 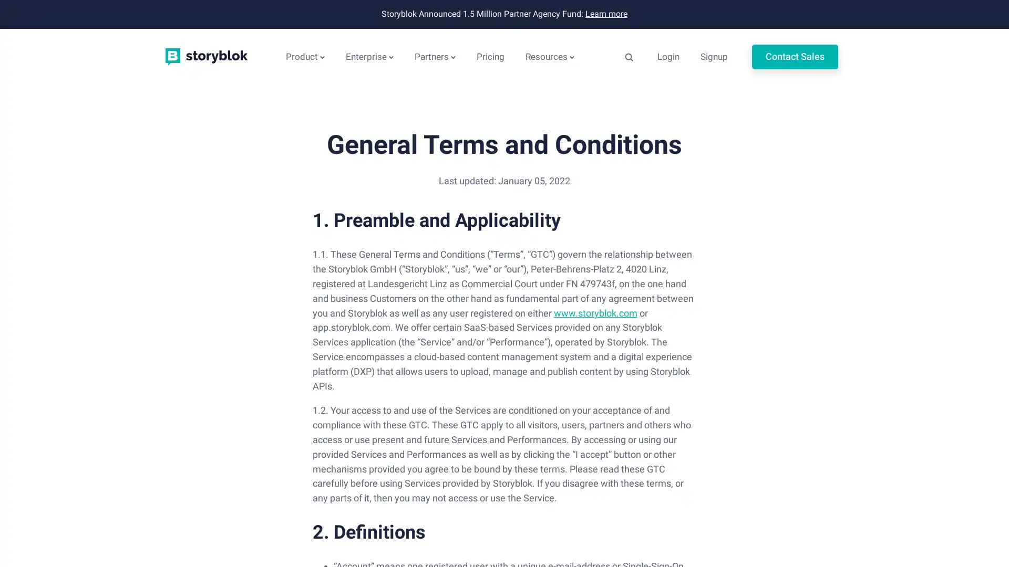 I want to click on Enterprise, so click(x=369, y=57).